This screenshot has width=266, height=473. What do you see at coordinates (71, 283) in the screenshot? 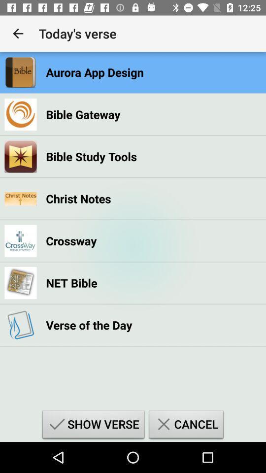
I see `the net bible` at bounding box center [71, 283].